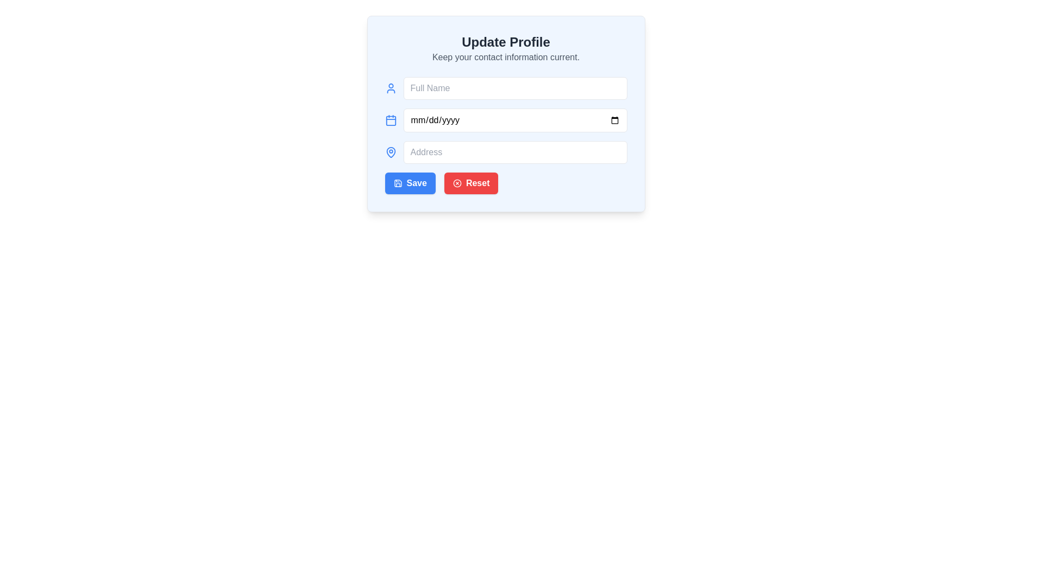 The height and width of the screenshot is (586, 1043). I want to click on a date from the calendar view available in the date input field, which is a rectangular field with a calendar icon on the right side, positioned below the 'Full Name' input field, so click(514, 120).